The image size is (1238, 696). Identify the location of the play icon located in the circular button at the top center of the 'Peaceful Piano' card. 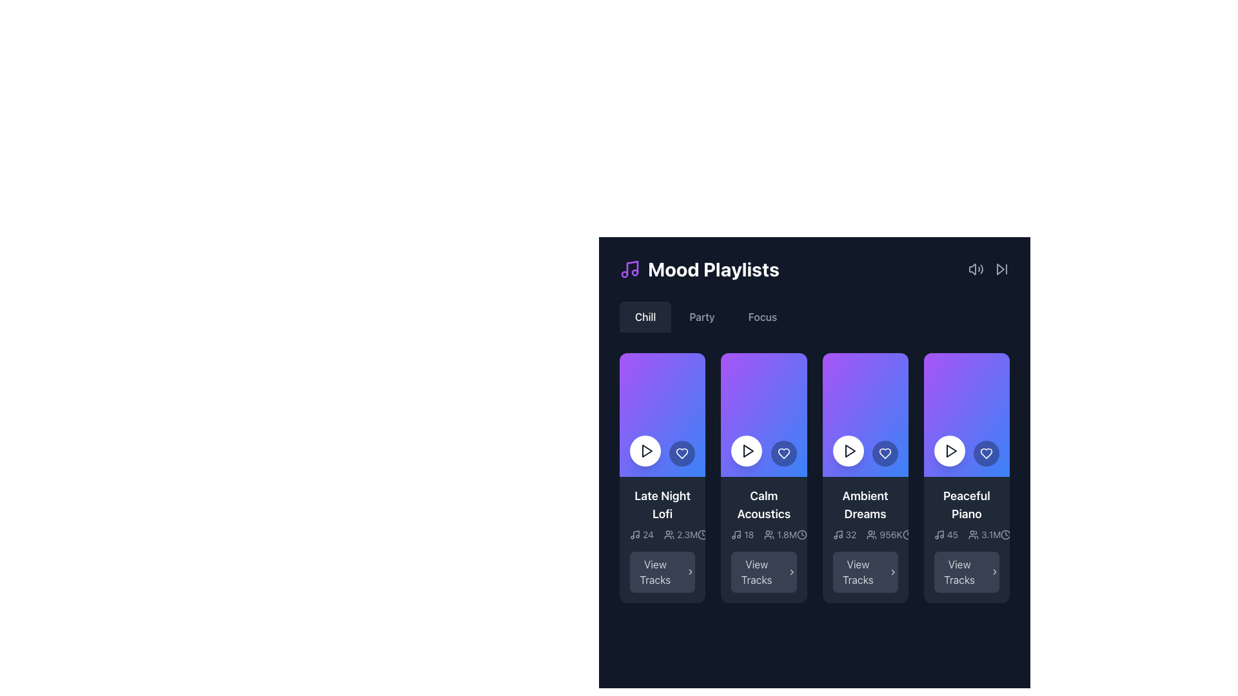
(950, 450).